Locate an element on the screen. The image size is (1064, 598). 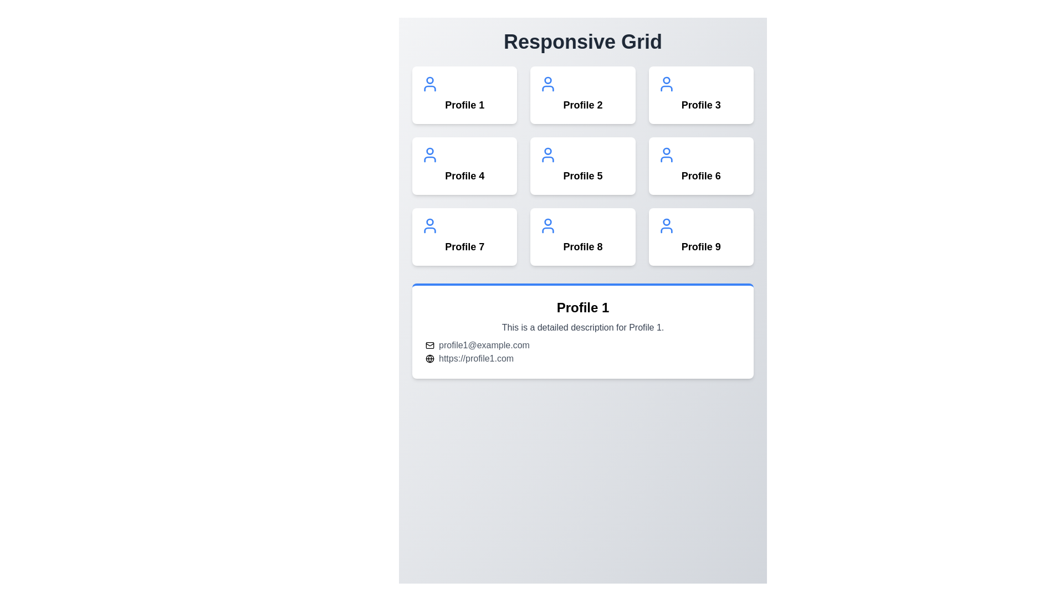
prominent header text 'Responsive Grid' located at the top section of the page, centered horizontally with a dark font on a light gradient background is located at coordinates (582, 42).